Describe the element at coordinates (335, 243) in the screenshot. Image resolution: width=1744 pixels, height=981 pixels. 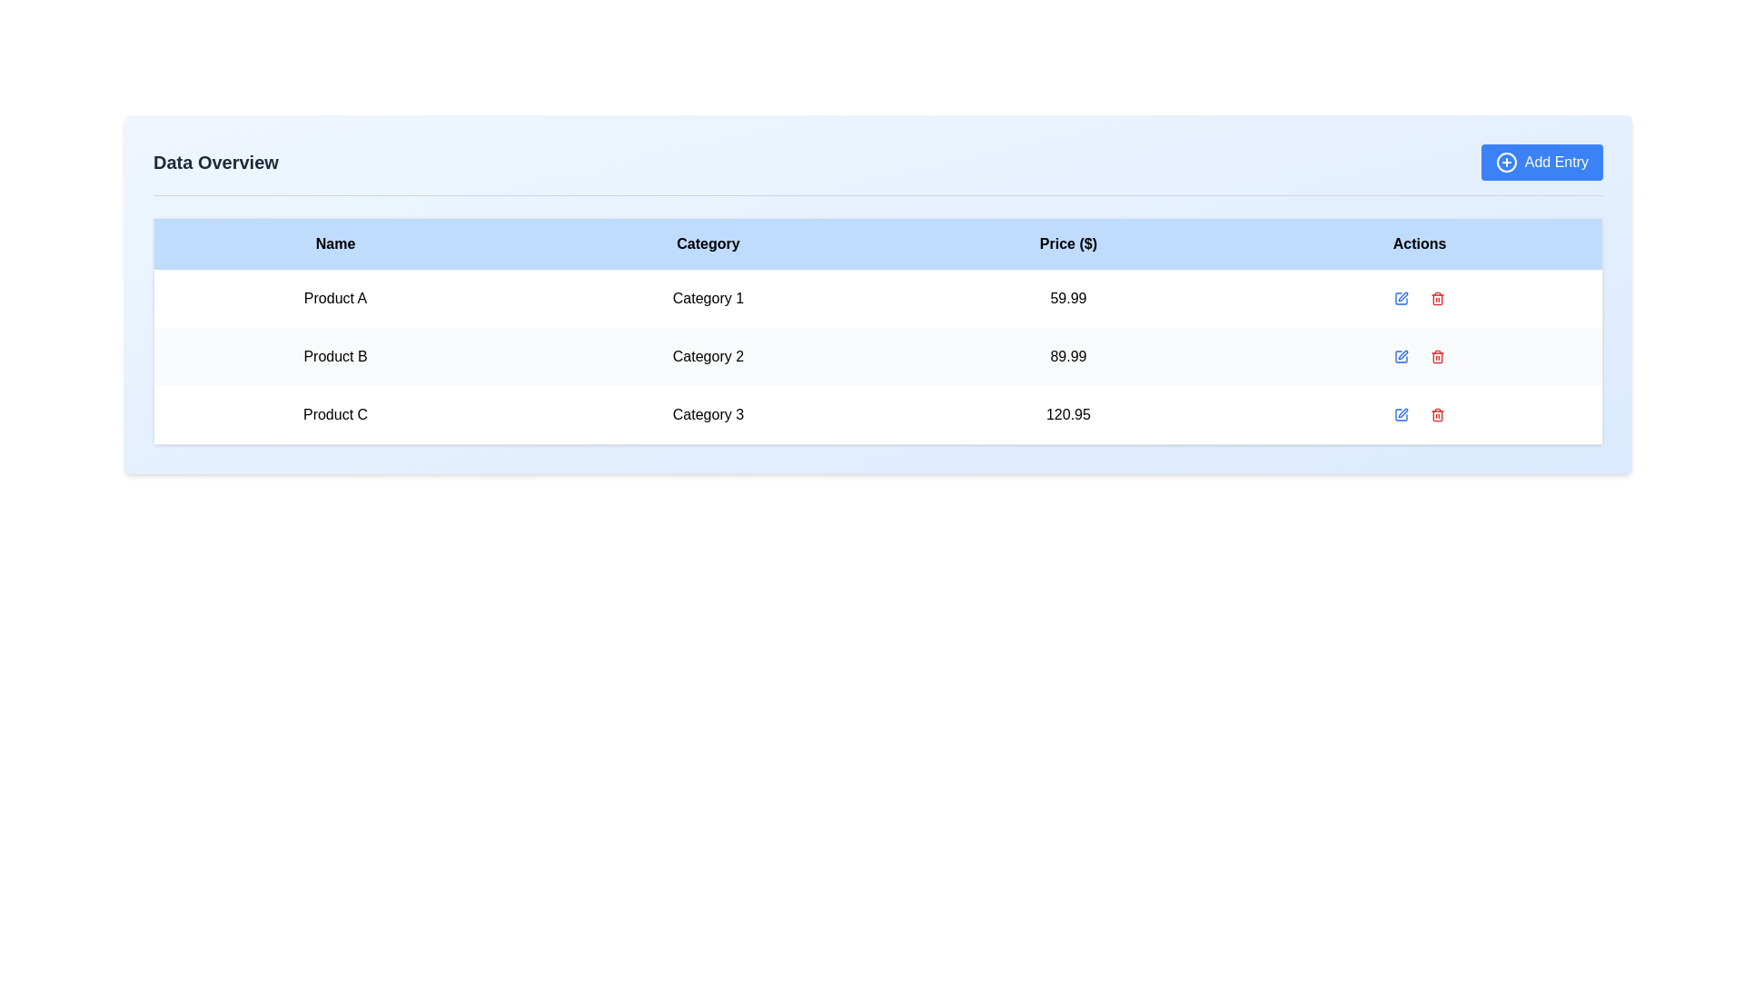
I see `the 'Name' header label in the table, which is the first column header indicating names of items or entities` at that location.